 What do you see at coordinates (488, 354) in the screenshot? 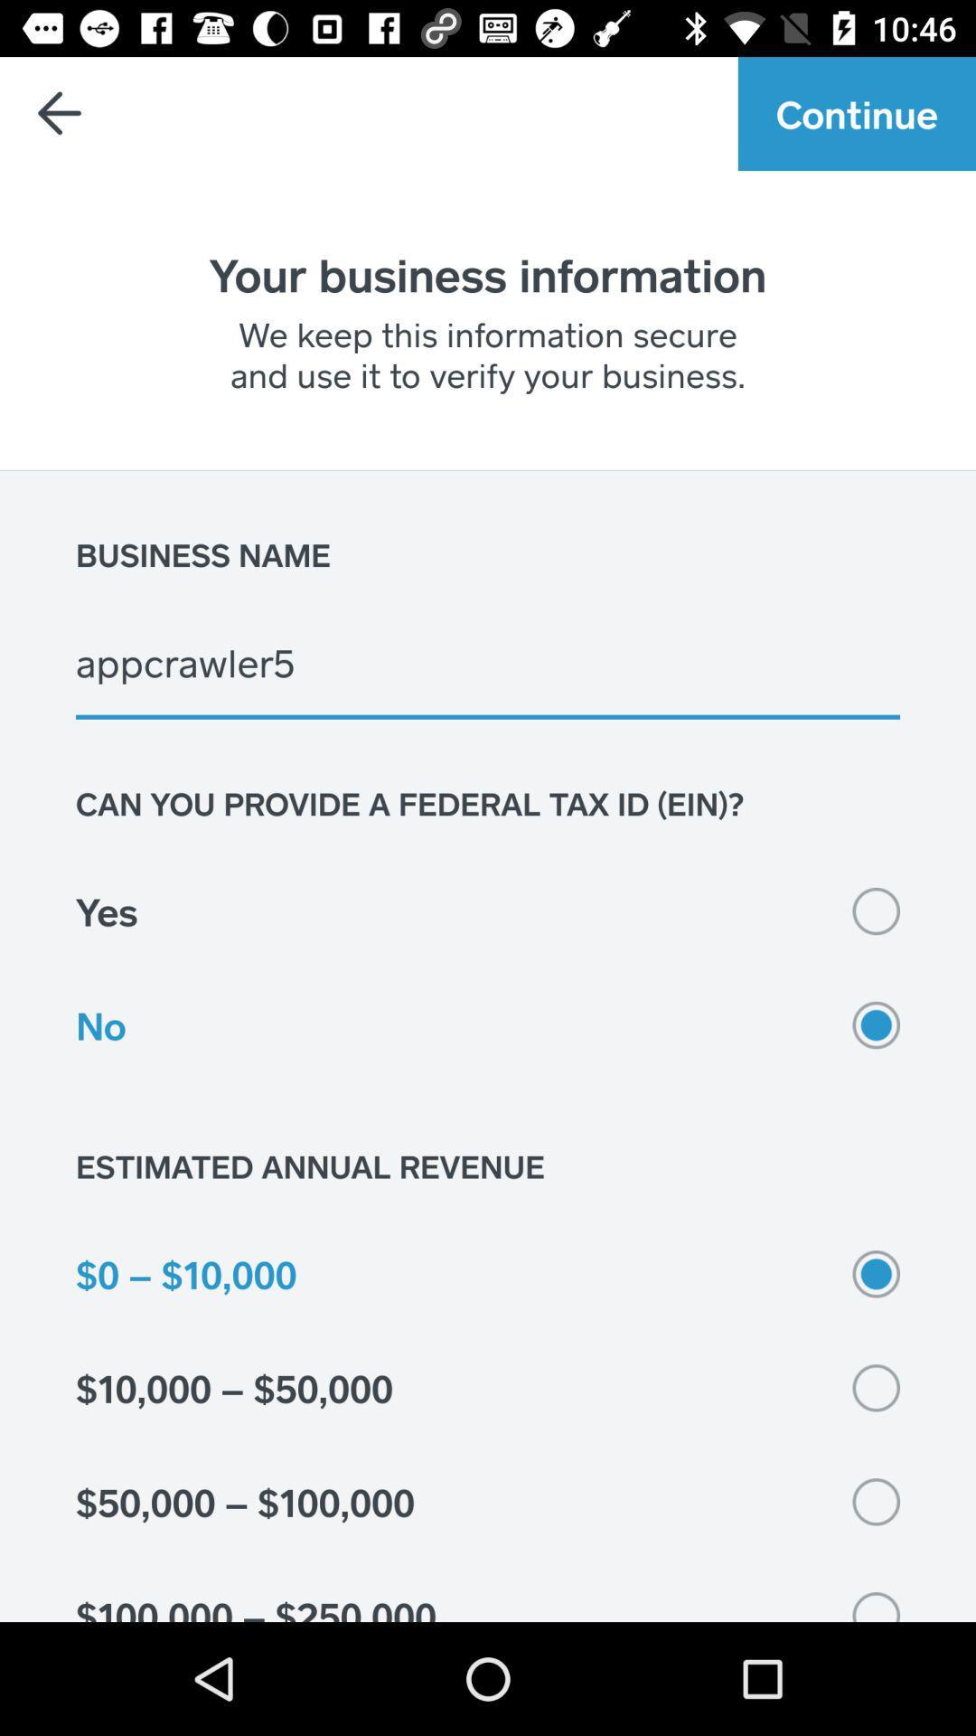
I see `the item below your business information icon` at bounding box center [488, 354].